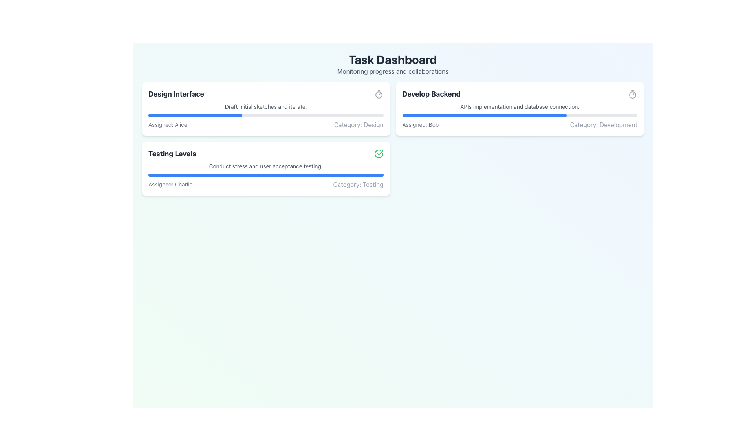 This screenshot has height=424, width=754. What do you see at coordinates (266, 175) in the screenshot?
I see `the horizontal progress bar located within the 'Testing Levels' card, which is filled with blue and has a light gray background, positioned below the text 'Conduct stress and user acceptance testing.'` at bounding box center [266, 175].